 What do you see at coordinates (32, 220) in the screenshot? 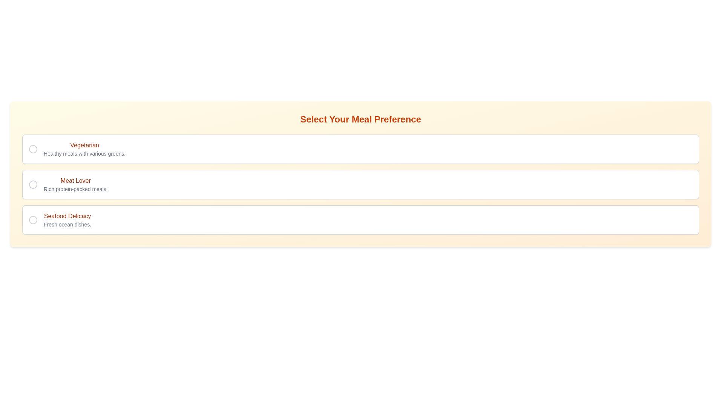
I see `the circular selection marker for the 'Seafood Delicacy' option` at bounding box center [32, 220].